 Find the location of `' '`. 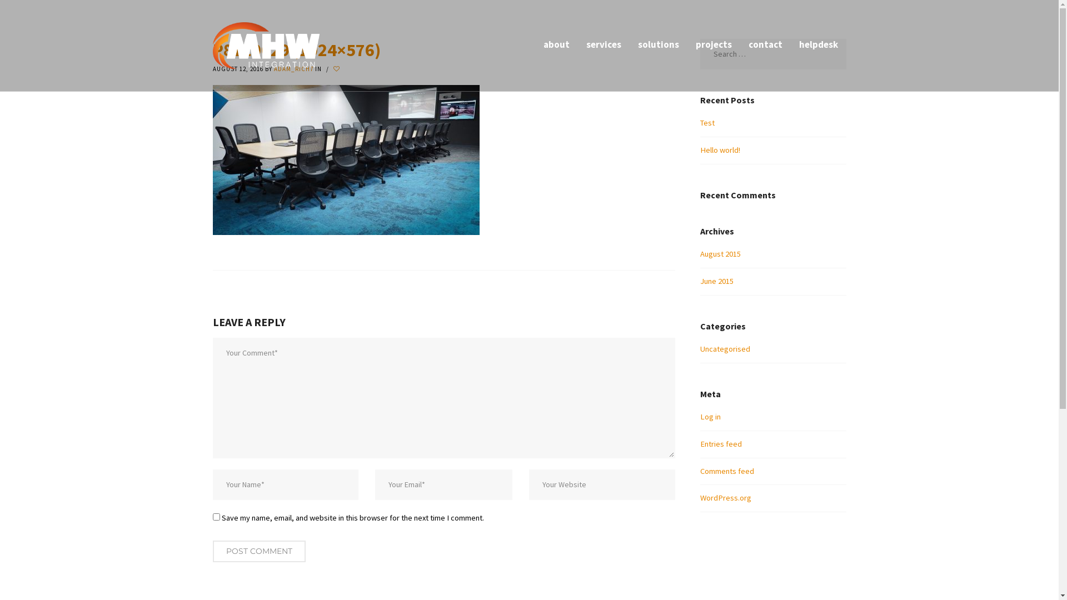

' ' is located at coordinates (337, 68).